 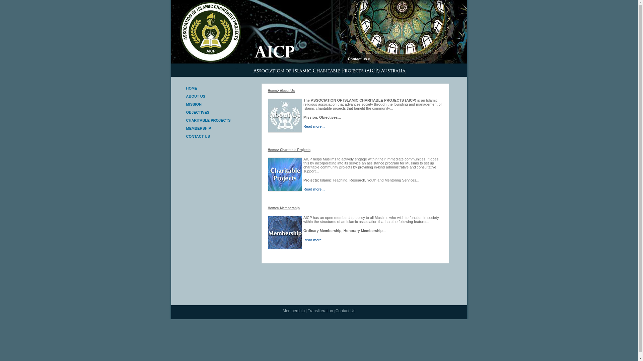 What do you see at coordinates (345, 311) in the screenshot?
I see `'Contact Us'` at bounding box center [345, 311].